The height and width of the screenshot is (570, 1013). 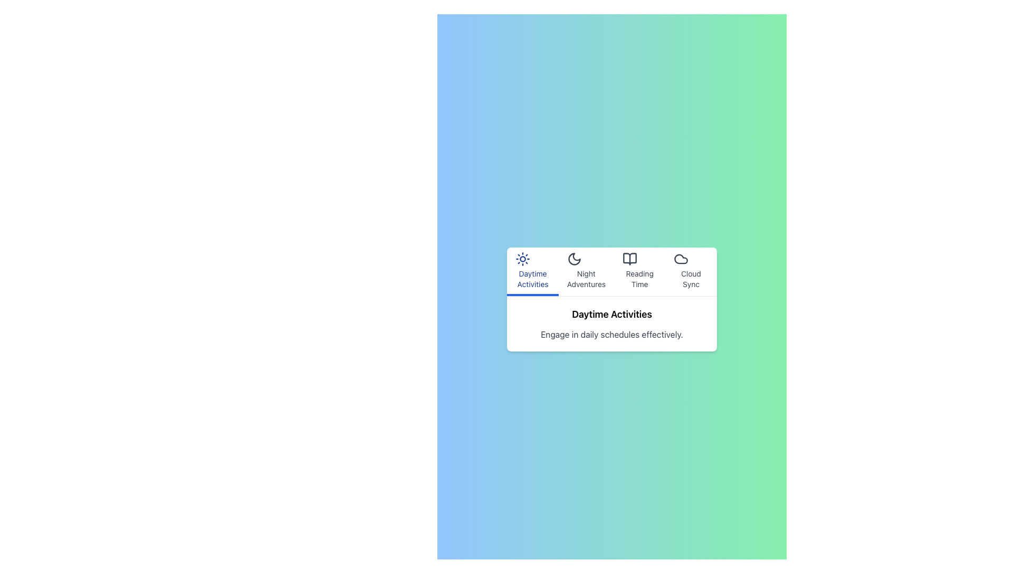 I want to click on text label 'Night Adventures' located in the second menu item of the horizontal navigation bar, positioned below the crescent moon icon, so click(x=586, y=278).